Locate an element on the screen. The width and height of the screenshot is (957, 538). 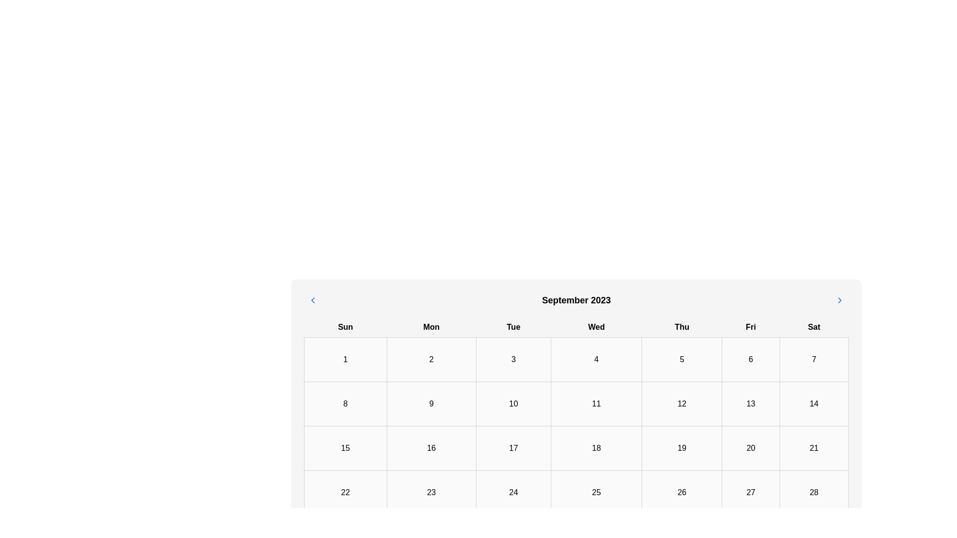
the clickable calendar date cell displaying the number '5' is located at coordinates (681, 359).